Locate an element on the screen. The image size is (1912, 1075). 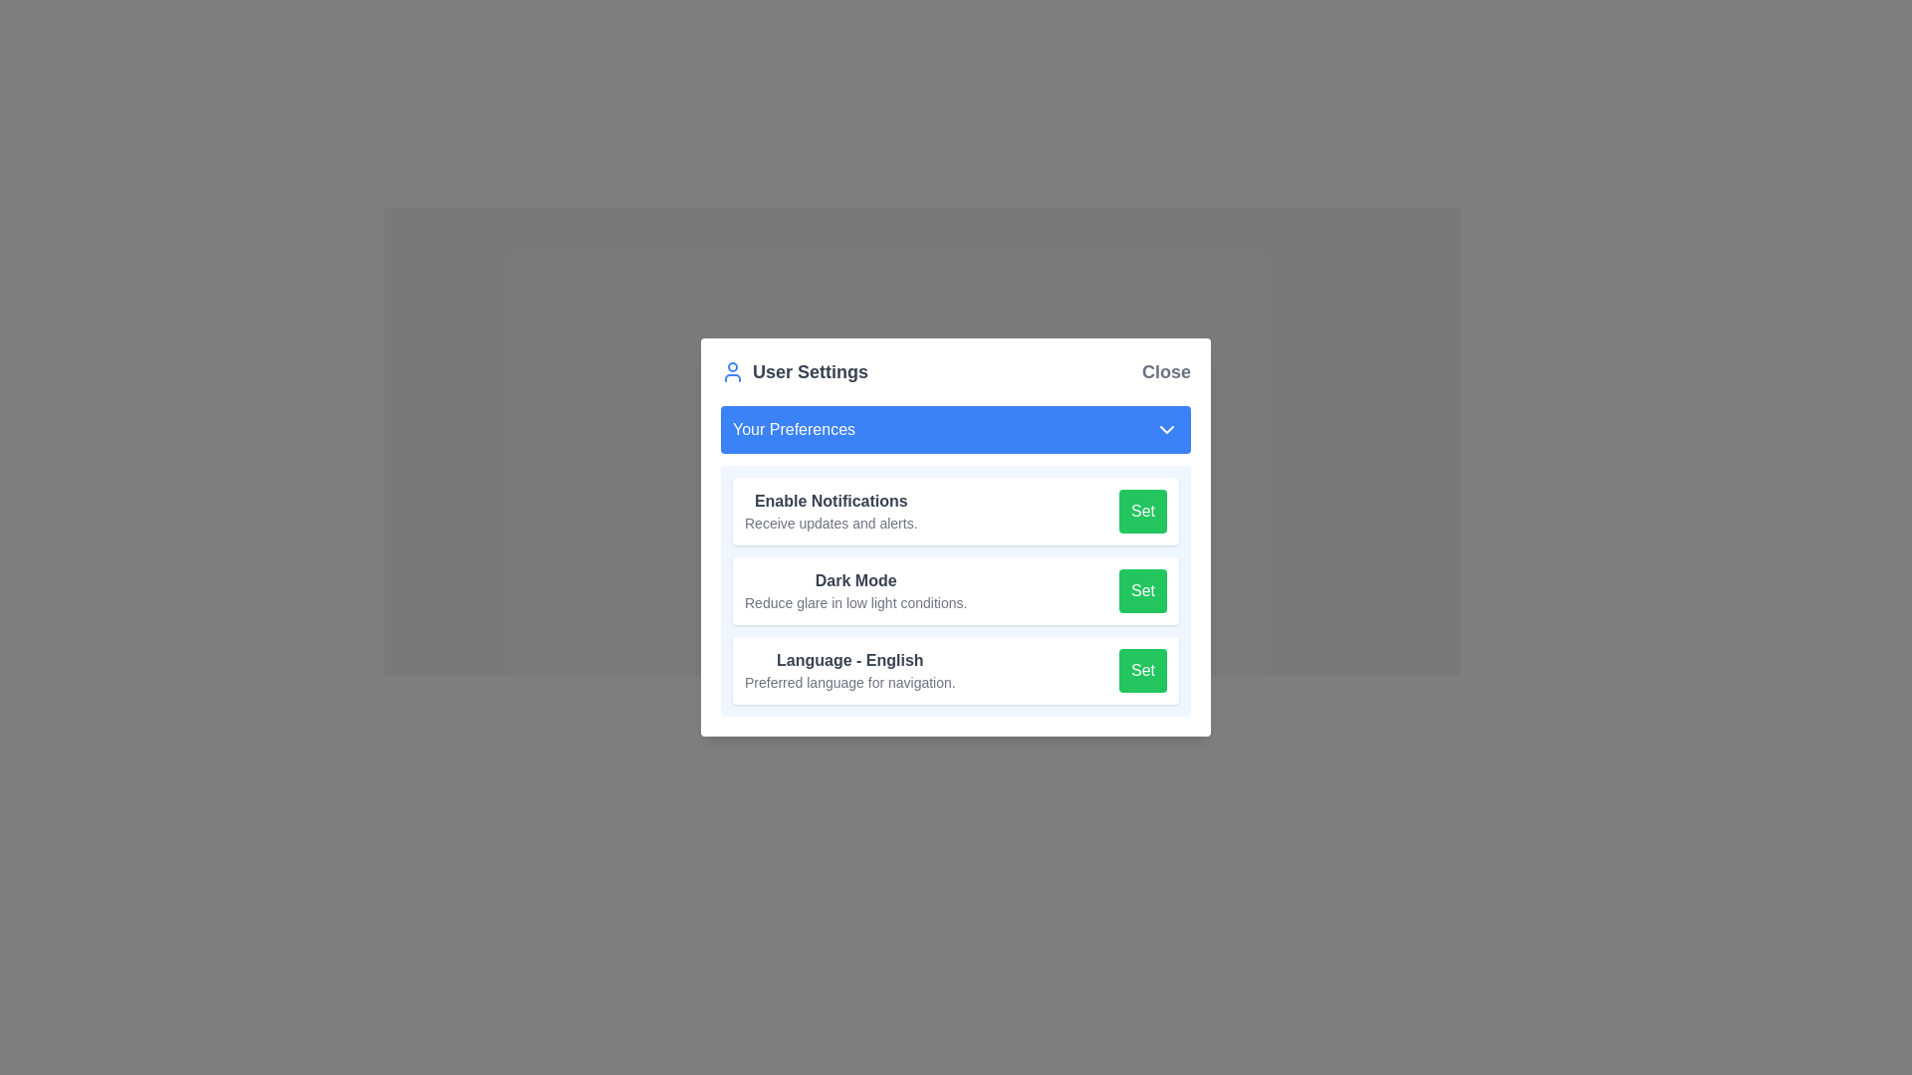
the label that describes the 'Enable Notifications' setting in the 'User Settings' interface, located above the 'Dark Mode' option is located at coordinates (831, 510).